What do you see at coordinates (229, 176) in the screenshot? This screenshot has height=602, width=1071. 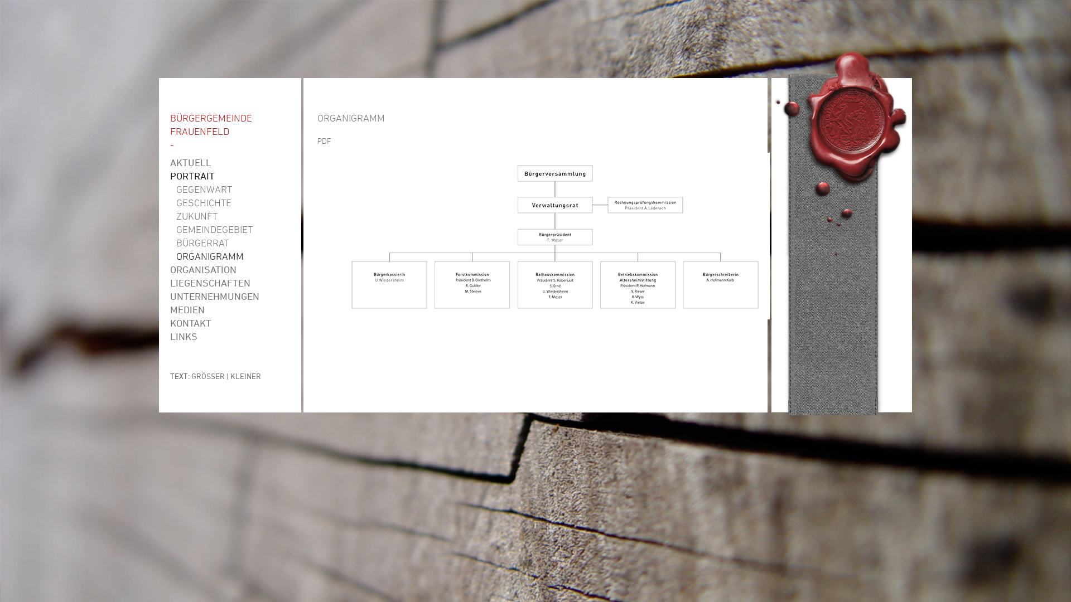 I see `'PORTRAIT'` at bounding box center [229, 176].